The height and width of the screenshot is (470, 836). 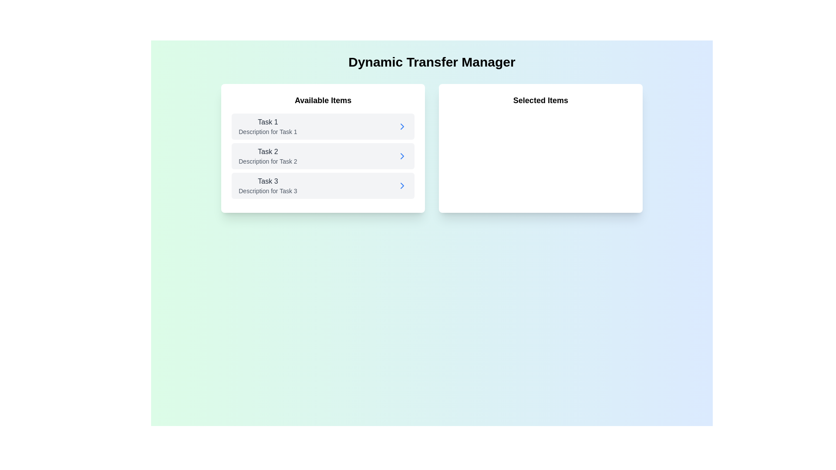 I want to click on the first list item labeled 'Task 1' in the 'Available Items' column, so click(x=323, y=126).